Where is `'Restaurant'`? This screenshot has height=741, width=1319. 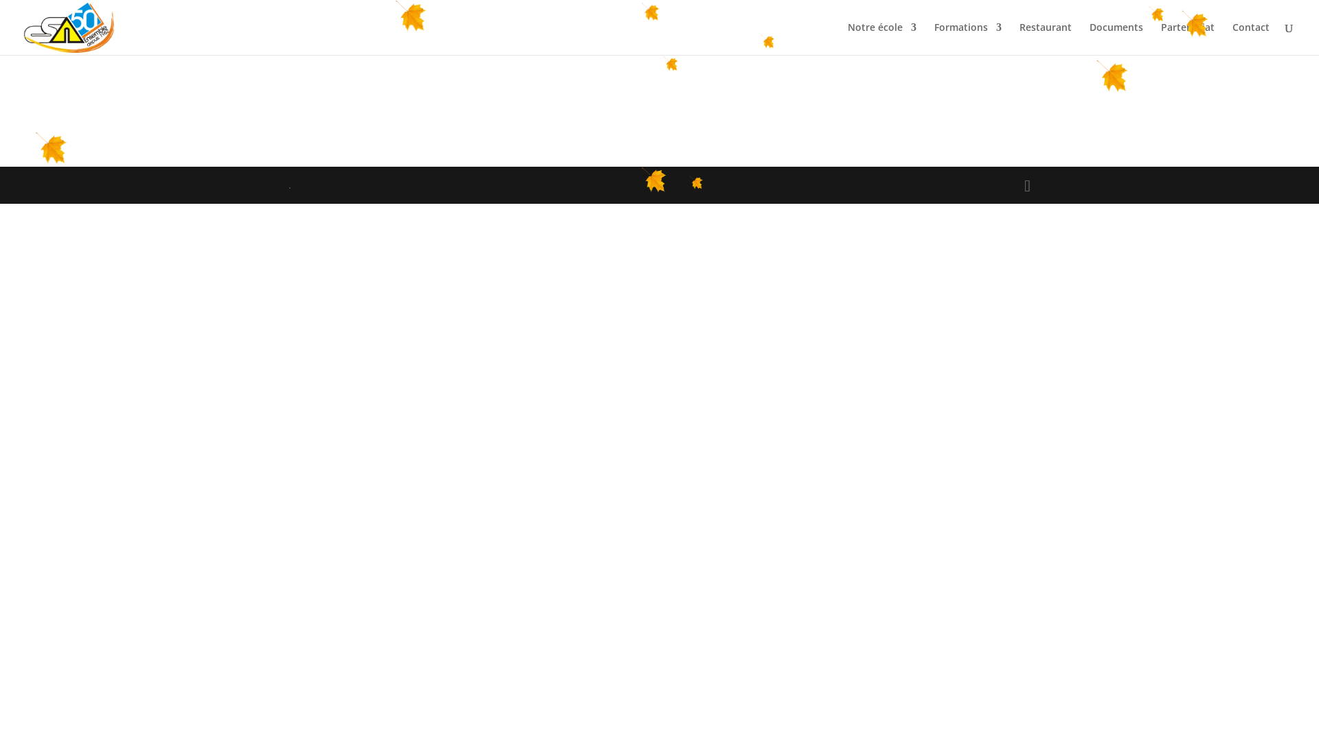
'Restaurant' is located at coordinates (1044, 38).